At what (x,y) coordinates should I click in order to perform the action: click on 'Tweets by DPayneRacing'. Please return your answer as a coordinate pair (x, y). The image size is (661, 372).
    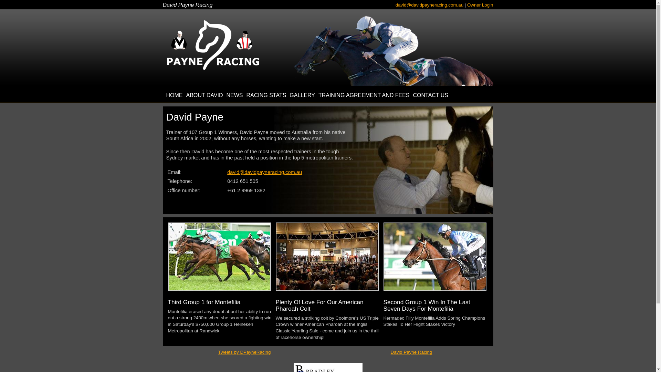
    Looking at the image, I should click on (218, 352).